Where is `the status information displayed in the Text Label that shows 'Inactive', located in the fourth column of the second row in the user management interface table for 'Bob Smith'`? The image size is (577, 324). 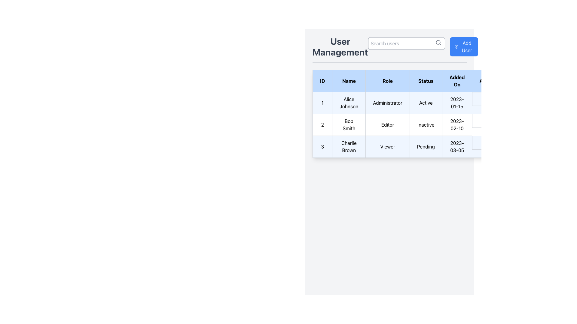
the status information displayed in the Text Label that shows 'Inactive', located in the fourth column of the second row in the user management interface table for 'Bob Smith' is located at coordinates (426, 124).